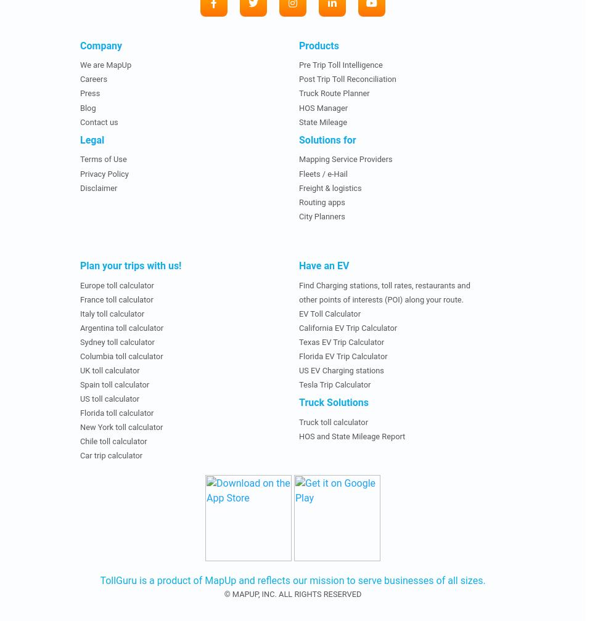 Image resolution: width=595 pixels, height=621 pixels. Describe the element at coordinates (333, 402) in the screenshot. I see `'Truck Solutions'` at that location.